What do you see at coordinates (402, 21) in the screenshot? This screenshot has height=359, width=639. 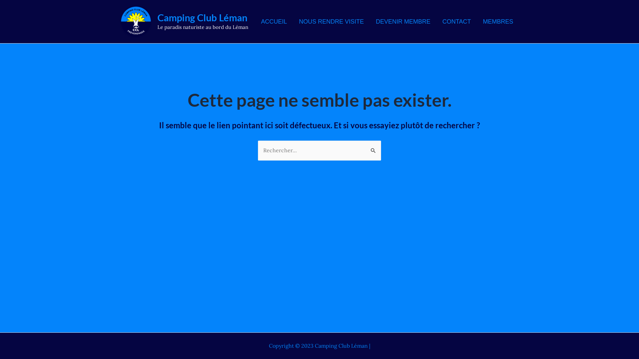 I see `'DEVENIR MEMBRE'` at bounding box center [402, 21].